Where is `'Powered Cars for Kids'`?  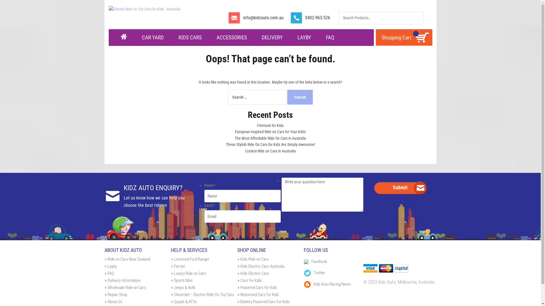
'Powered Cars for Kids' is located at coordinates (240, 287).